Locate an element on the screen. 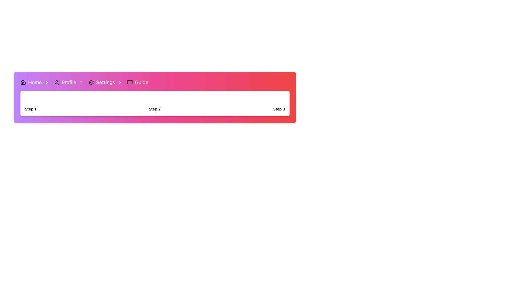  the settings icon button located in the horizontal menu bar, positioned between the Profile icon and the Guide book icon is located at coordinates (91, 82).